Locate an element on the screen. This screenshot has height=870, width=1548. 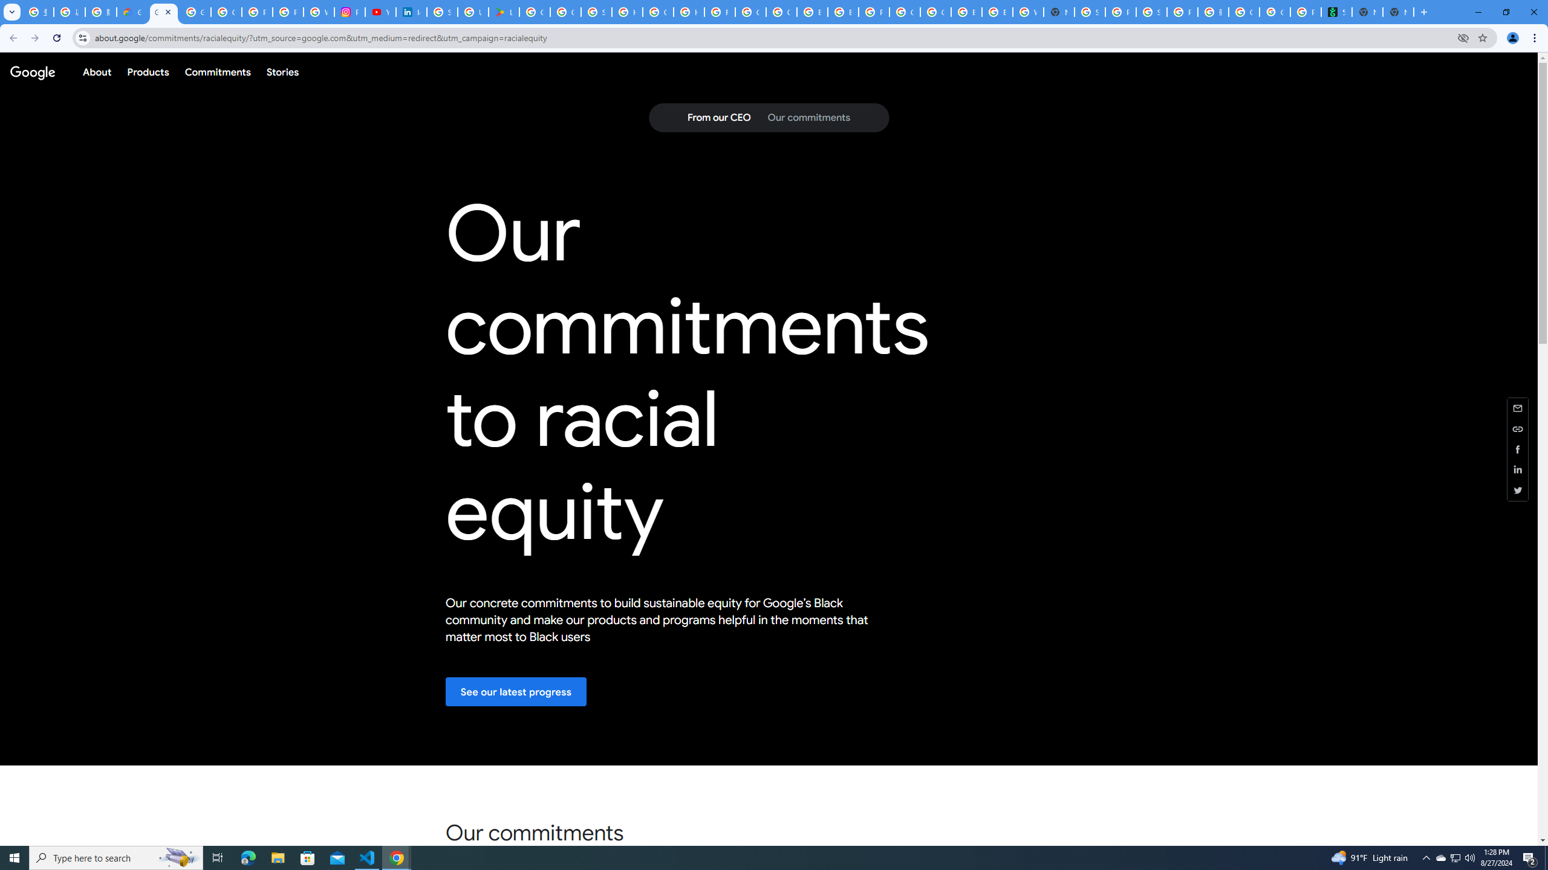
'See our latest progress' is located at coordinates (515, 691).